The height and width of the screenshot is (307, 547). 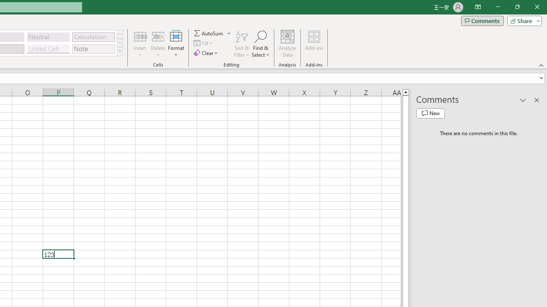 What do you see at coordinates (176, 44) in the screenshot?
I see `'Format'` at bounding box center [176, 44].